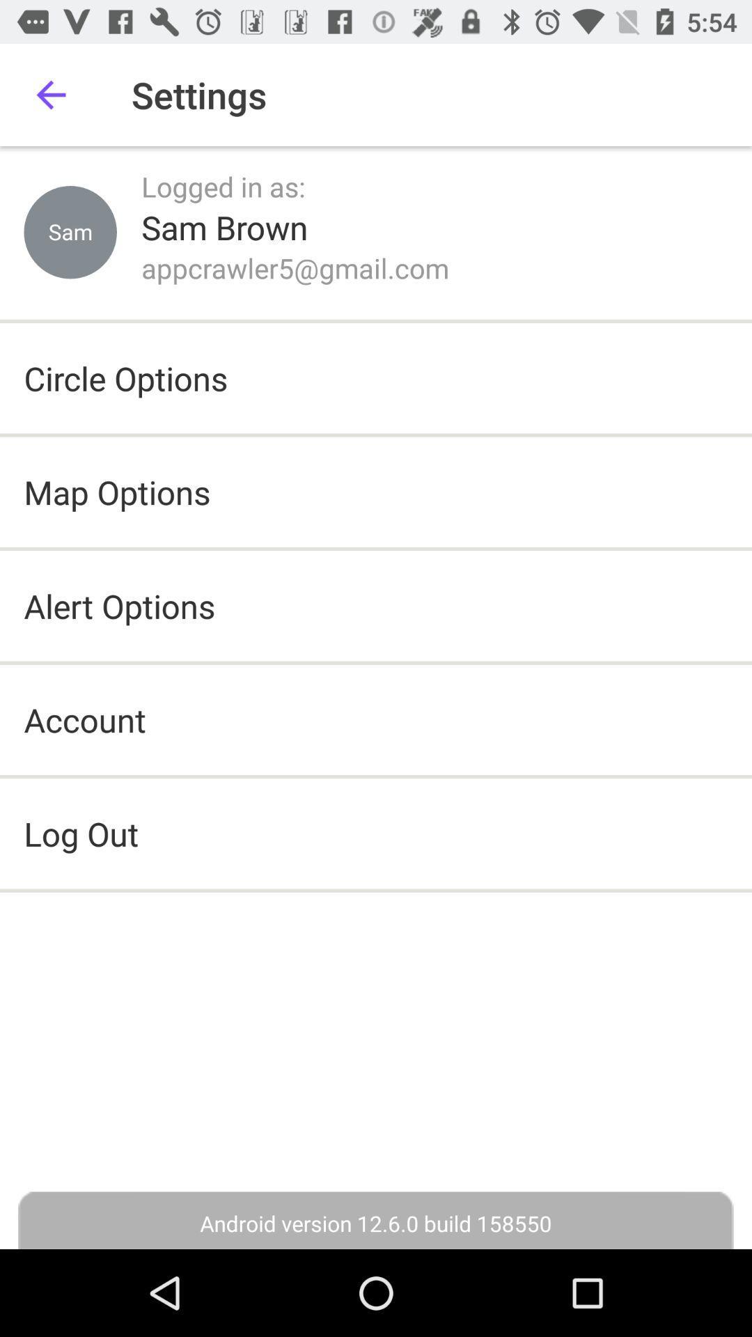  What do you see at coordinates (376, 834) in the screenshot?
I see `icon above the android version 12 icon` at bounding box center [376, 834].